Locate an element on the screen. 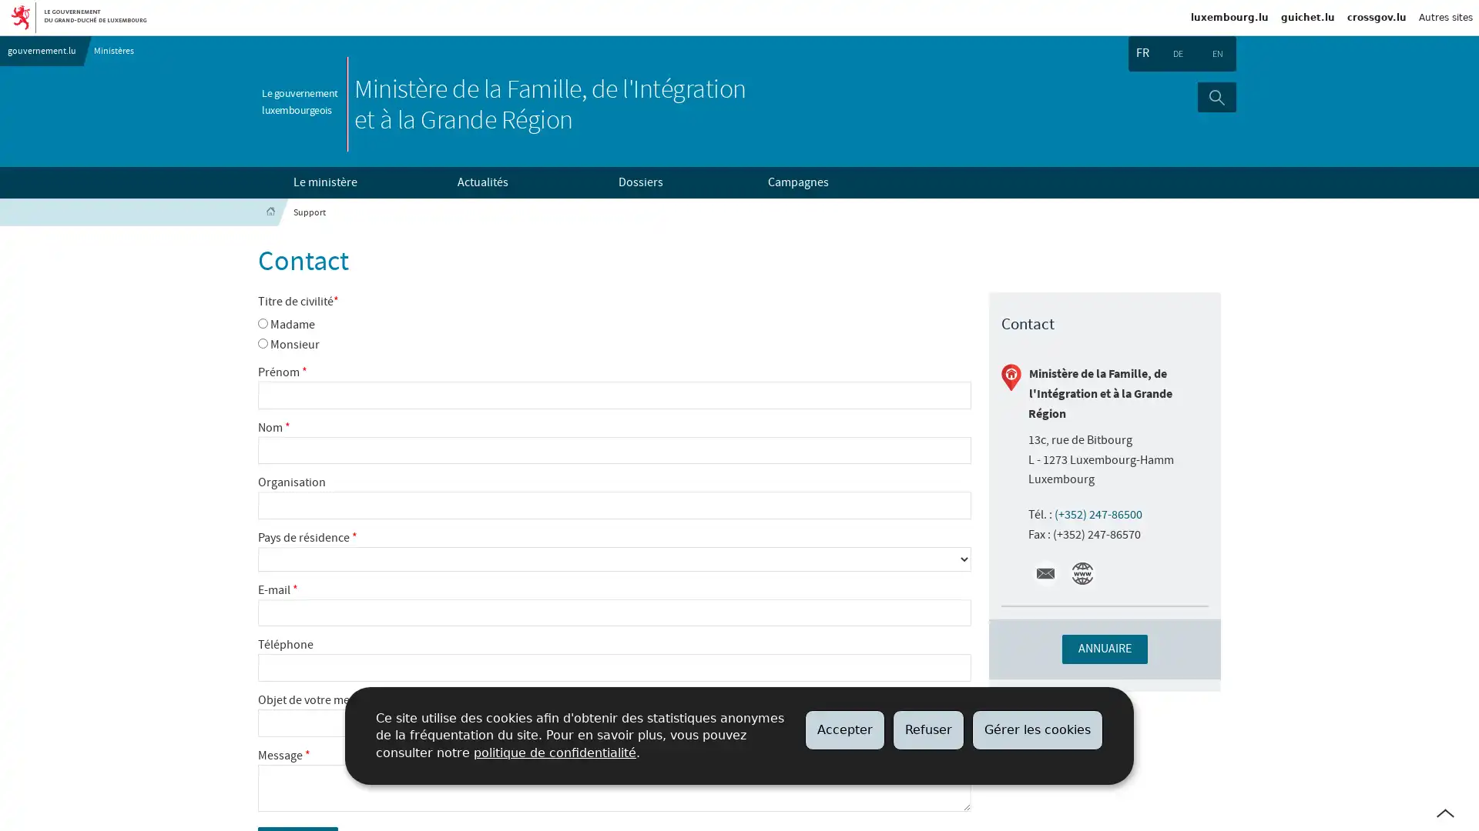 This screenshot has width=1479, height=831. + is located at coordinates (1025, 633).